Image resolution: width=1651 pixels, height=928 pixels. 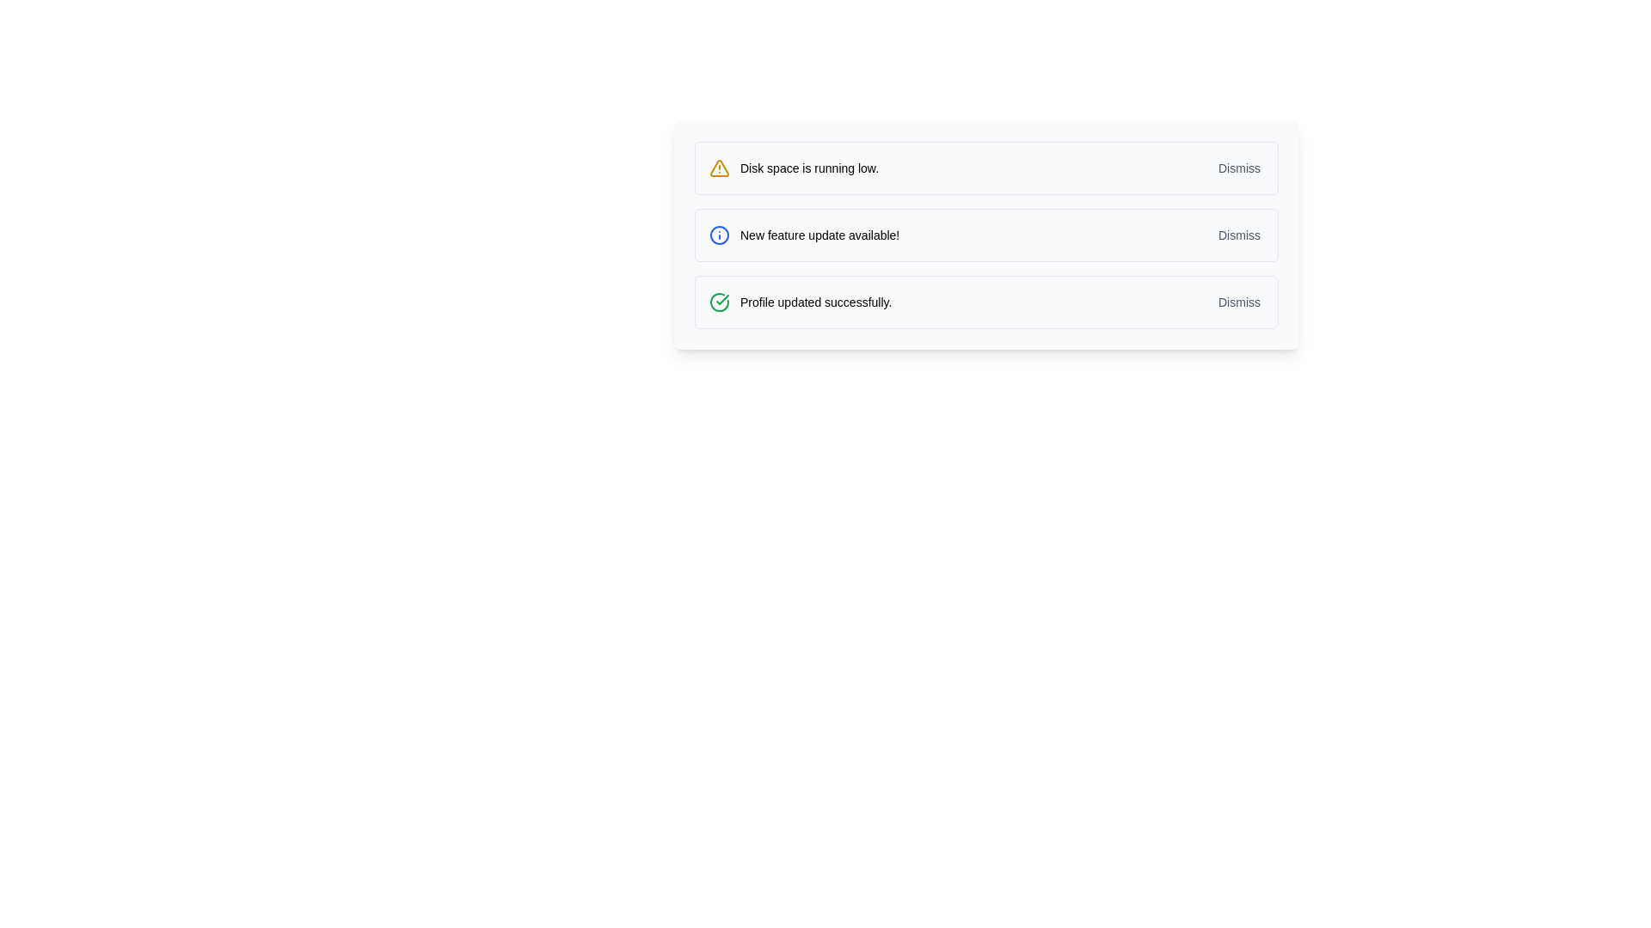 I want to click on the confirmation icon indicating 'Profile updated successfully', which is located to the left of the message text, so click(x=719, y=301).